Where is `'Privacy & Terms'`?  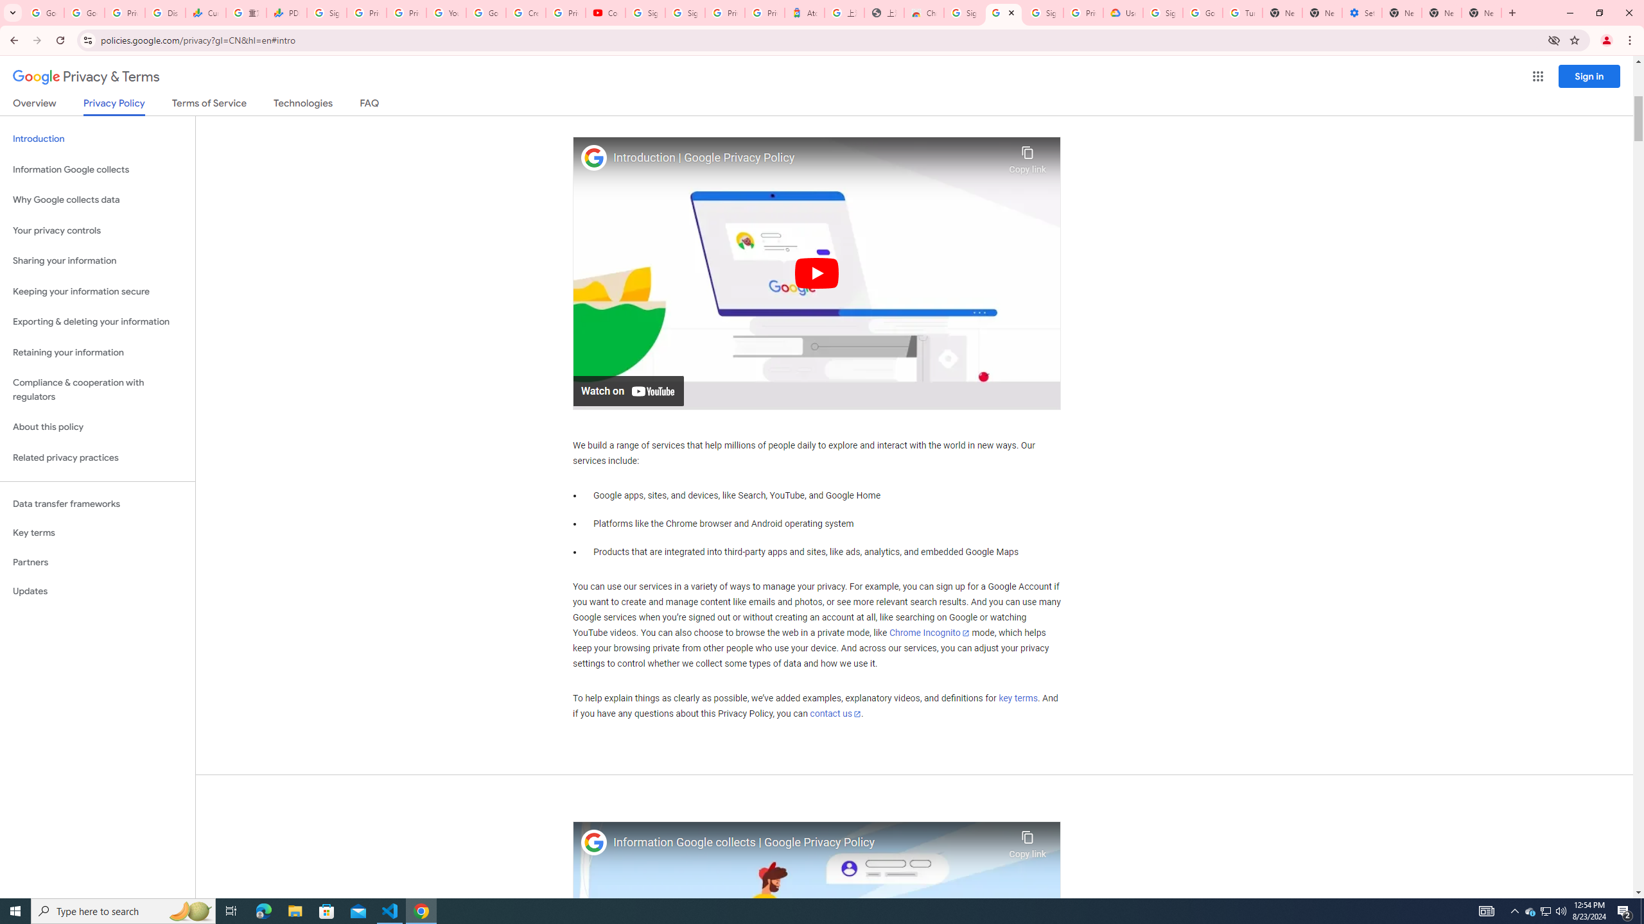
'Privacy & Terms' is located at coordinates (86, 76).